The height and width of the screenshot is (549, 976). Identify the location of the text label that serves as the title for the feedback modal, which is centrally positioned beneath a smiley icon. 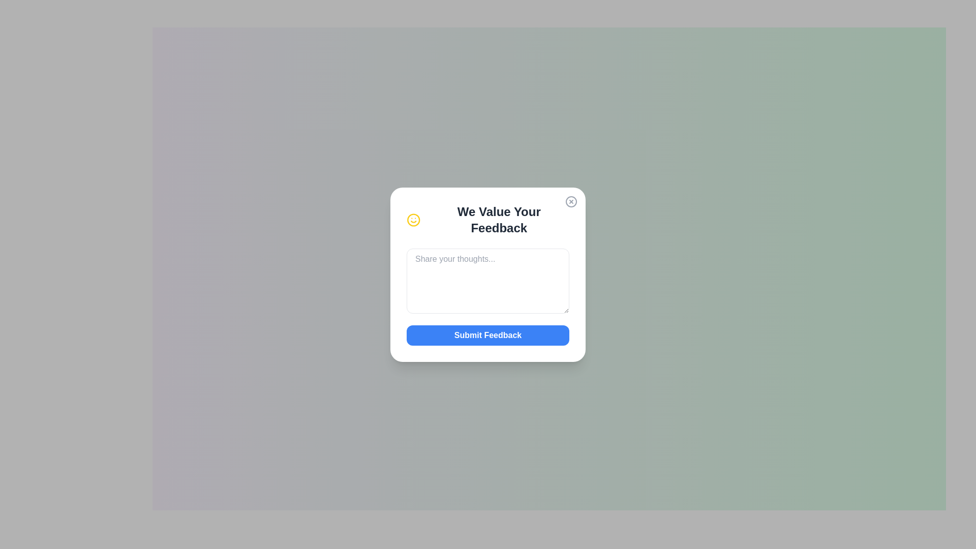
(499, 219).